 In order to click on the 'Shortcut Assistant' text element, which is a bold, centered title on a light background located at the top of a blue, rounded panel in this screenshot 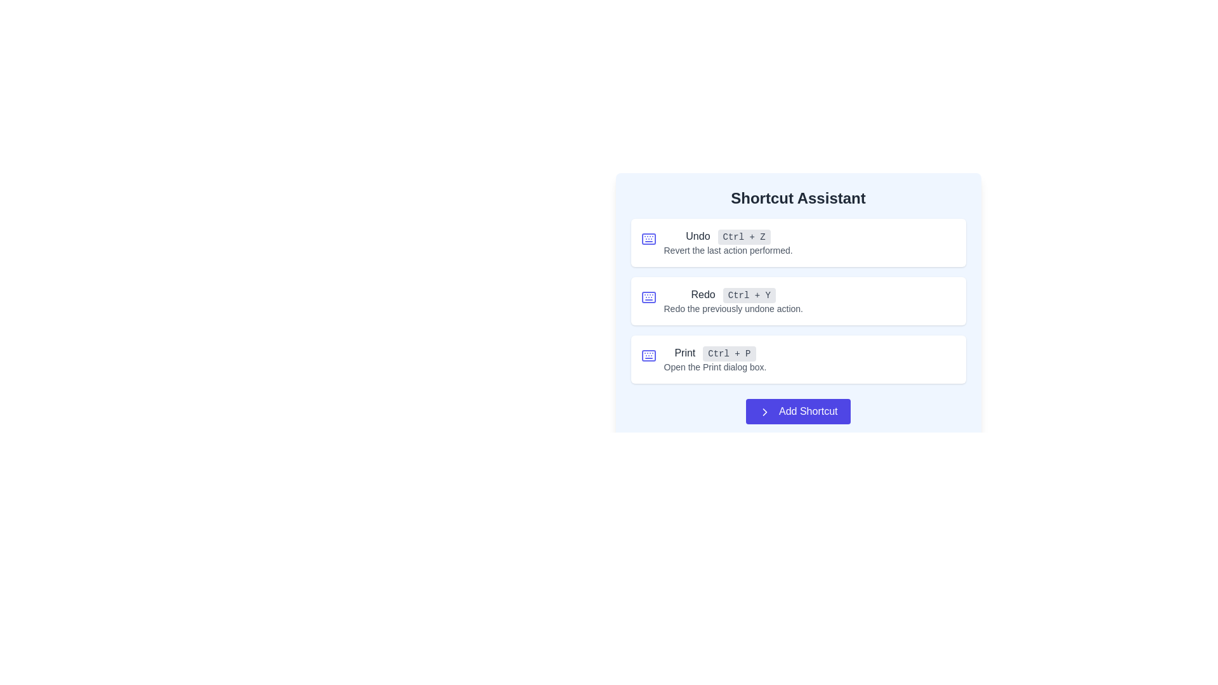, I will do `click(797, 198)`.